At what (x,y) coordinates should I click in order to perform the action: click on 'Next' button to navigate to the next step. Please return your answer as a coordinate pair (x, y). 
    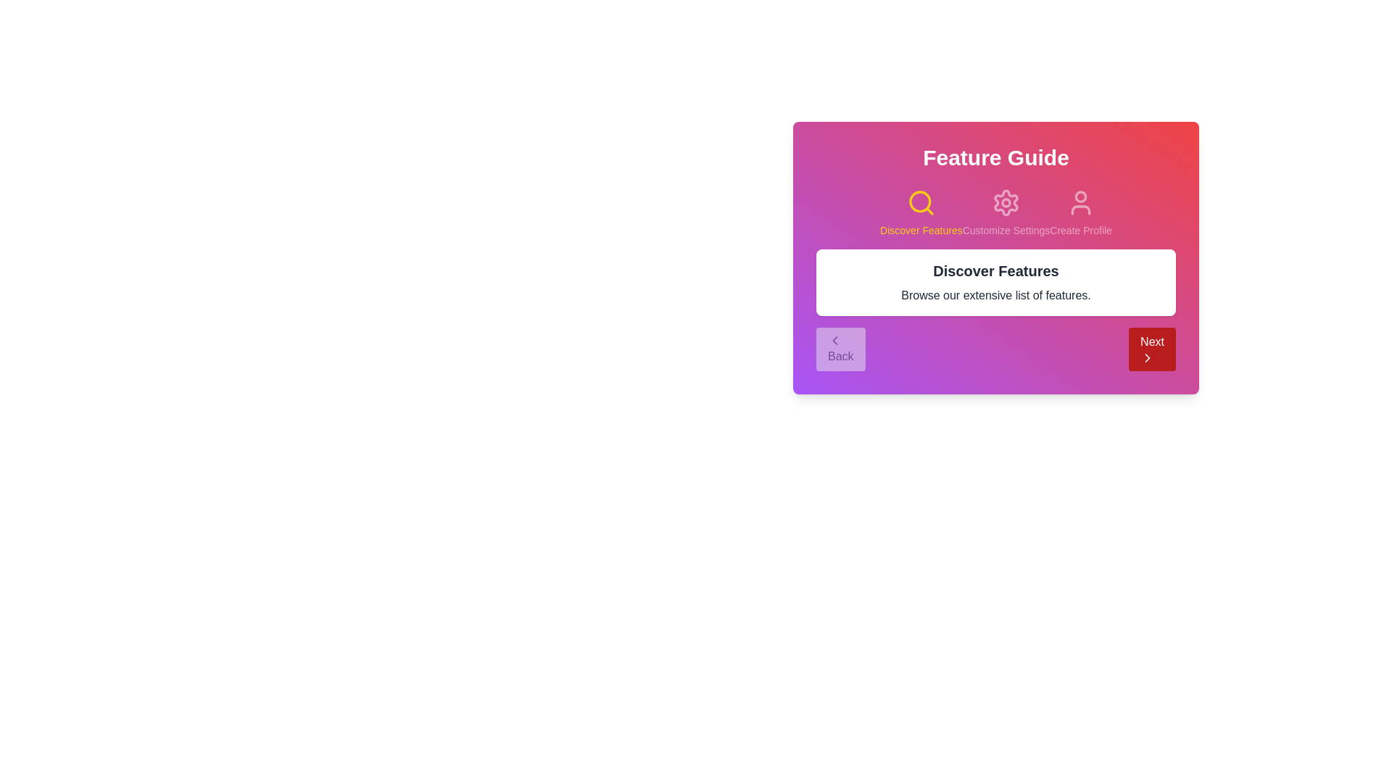
    Looking at the image, I should click on (1151, 349).